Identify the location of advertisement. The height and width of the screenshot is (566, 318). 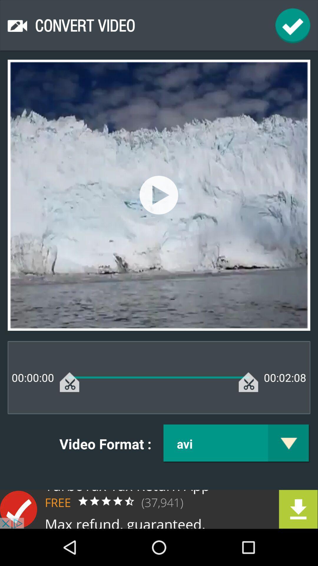
(159, 509).